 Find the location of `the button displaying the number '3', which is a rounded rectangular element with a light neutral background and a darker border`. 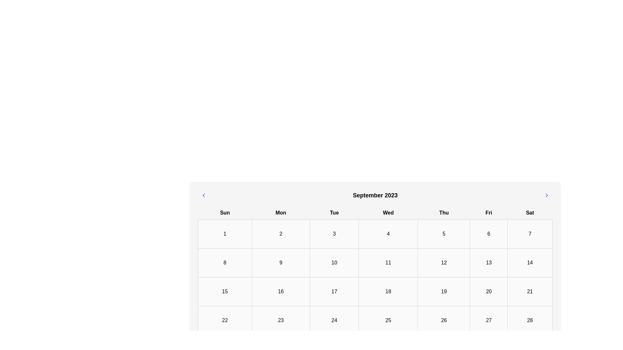

the button displaying the number '3', which is a rounded rectangular element with a light neutral background and a darker border is located at coordinates (334, 234).